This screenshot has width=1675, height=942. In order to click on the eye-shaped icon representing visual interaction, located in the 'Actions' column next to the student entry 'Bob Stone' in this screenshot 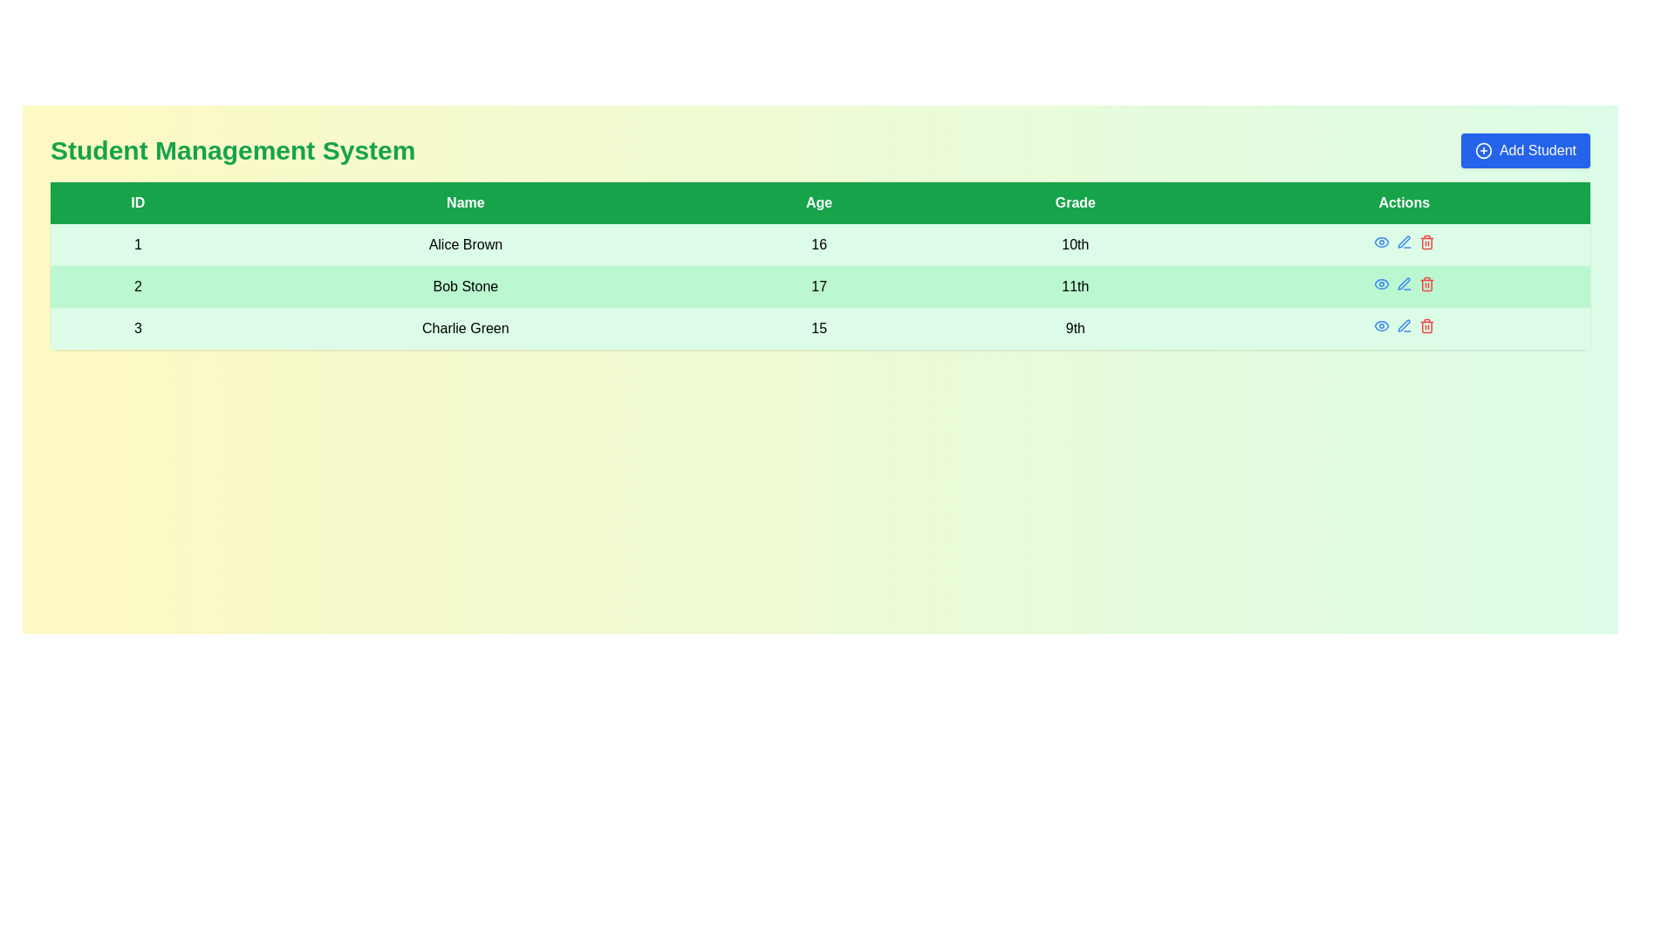, I will do `click(1380, 283)`.